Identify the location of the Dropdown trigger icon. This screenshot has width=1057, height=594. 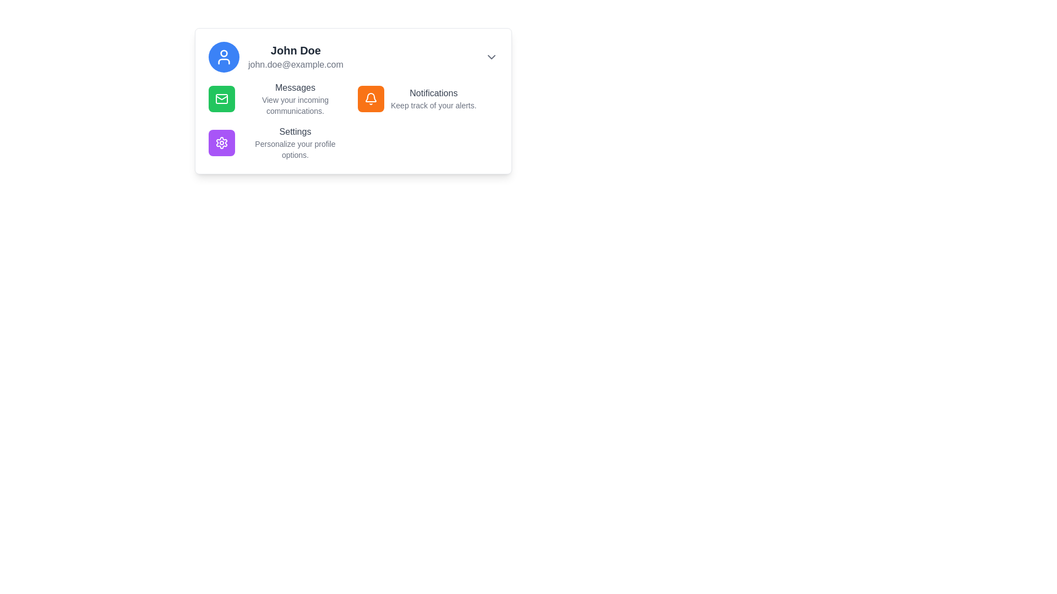
(491, 57).